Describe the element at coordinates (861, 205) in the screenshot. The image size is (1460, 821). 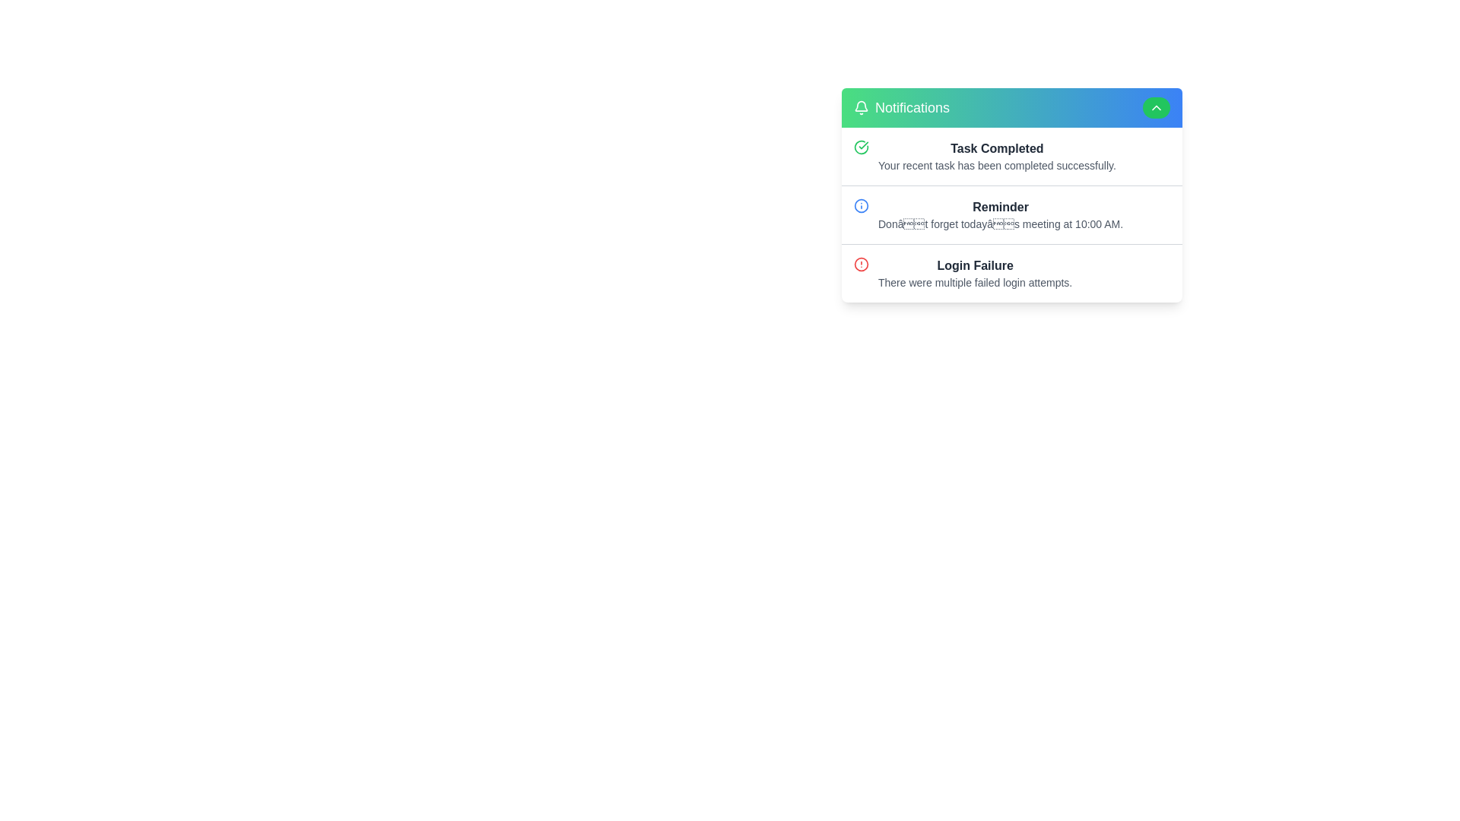
I see `SVG Circle element that contributes to the 'information' icon, located to the left of the 'Reminder' notification text in the notification list` at that location.